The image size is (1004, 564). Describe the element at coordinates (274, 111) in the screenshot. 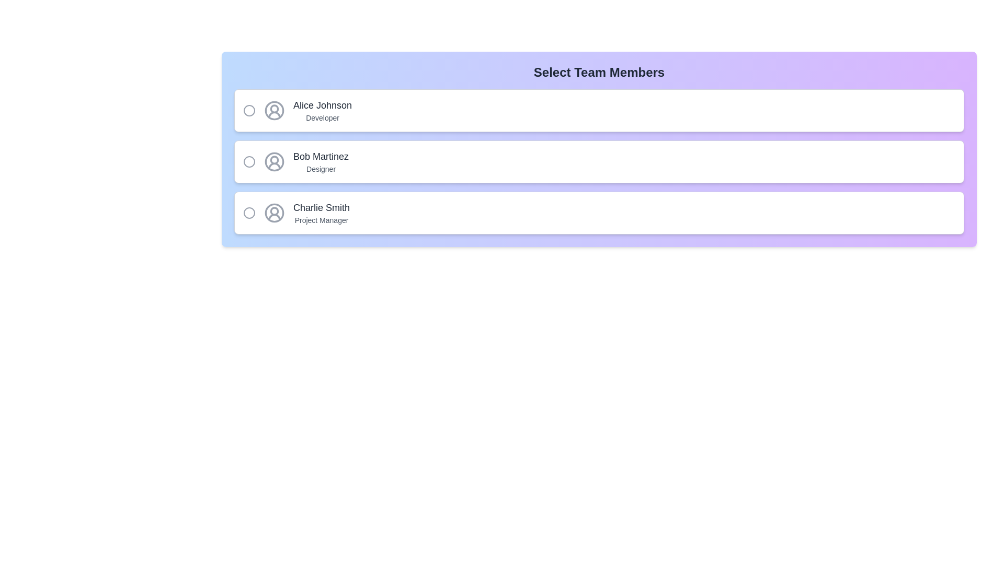

I see `the circular user profile icon for 'Alice Johnson, Developer', which is located to the left of the text content` at that location.